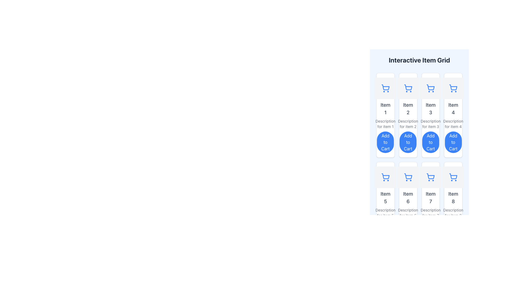  Describe the element at coordinates (430, 87) in the screenshot. I see `the shopping cart icon located in the upper section of the cell for Item 3, which is directly above the 'Add to Cart' button` at that location.